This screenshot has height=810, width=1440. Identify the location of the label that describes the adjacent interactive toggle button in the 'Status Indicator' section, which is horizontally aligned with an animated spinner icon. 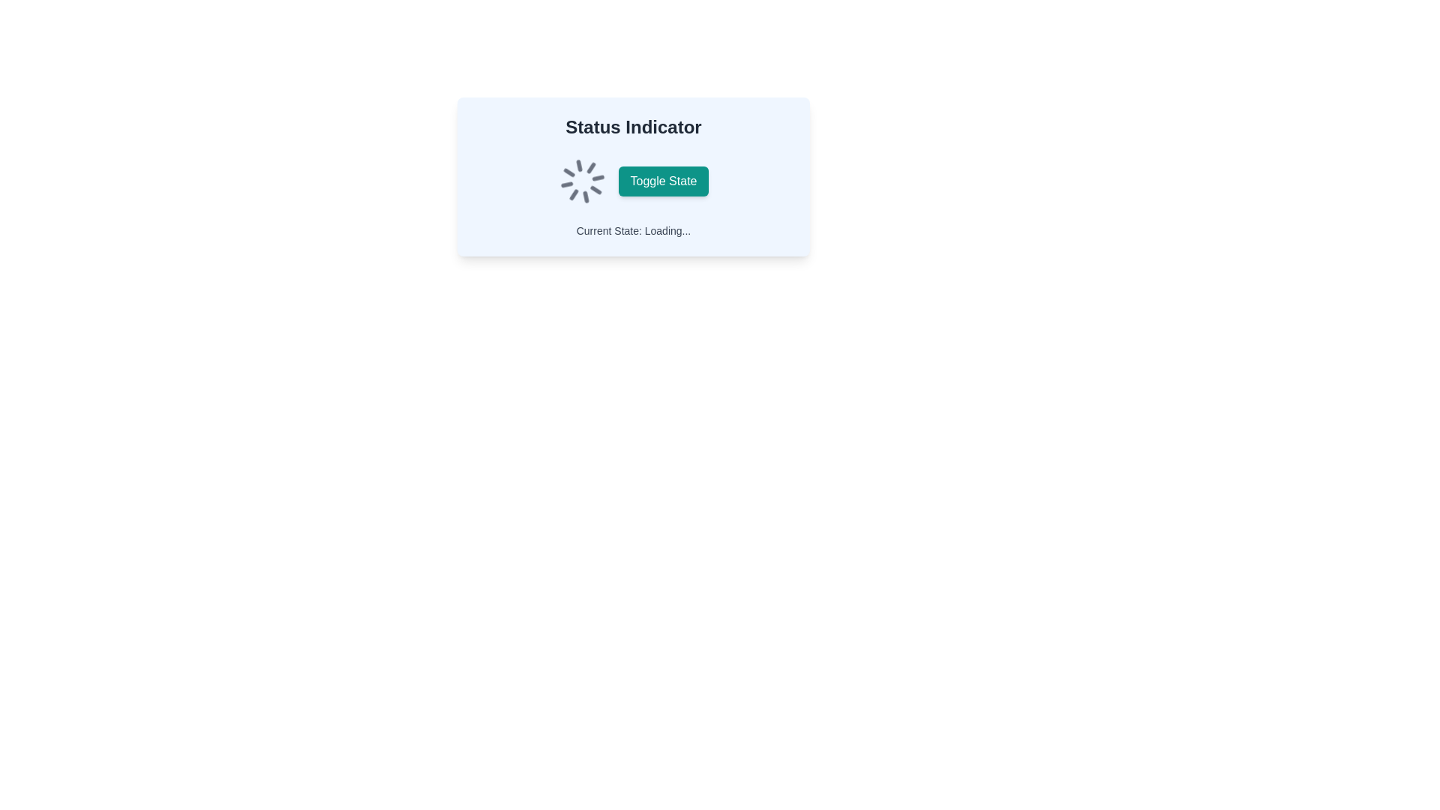
(633, 181).